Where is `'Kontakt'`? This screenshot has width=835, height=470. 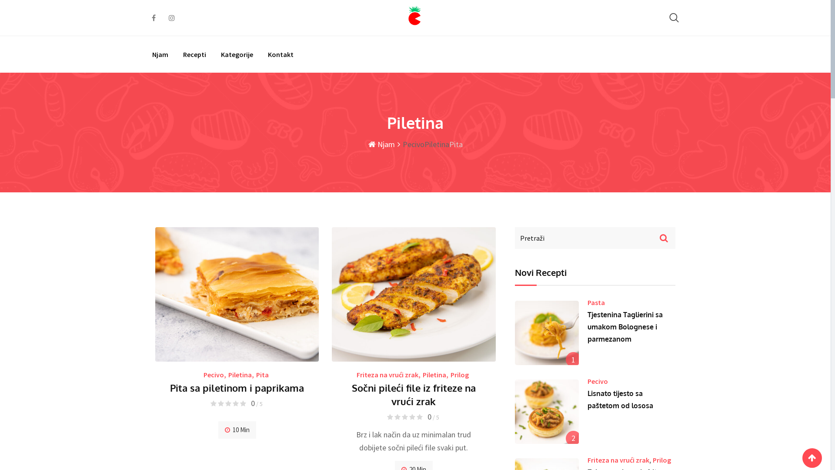 'Kontakt' is located at coordinates (281, 54).